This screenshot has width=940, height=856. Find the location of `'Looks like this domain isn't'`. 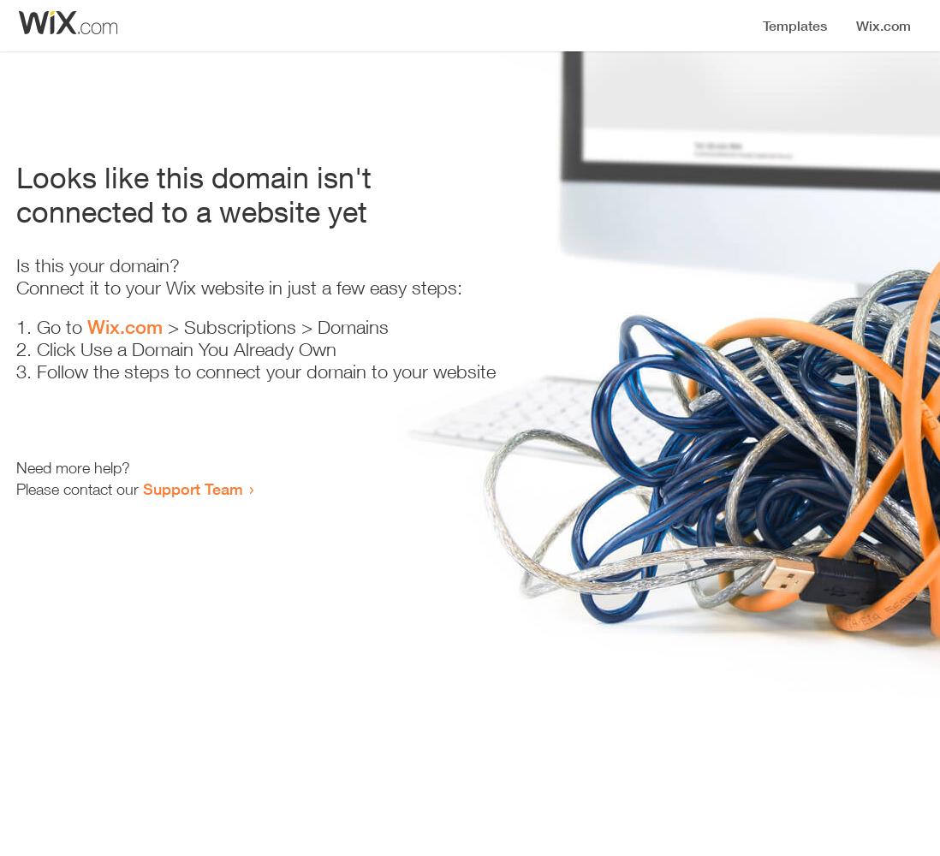

'Looks like this domain isn't' is located at coordinates (193, 176).